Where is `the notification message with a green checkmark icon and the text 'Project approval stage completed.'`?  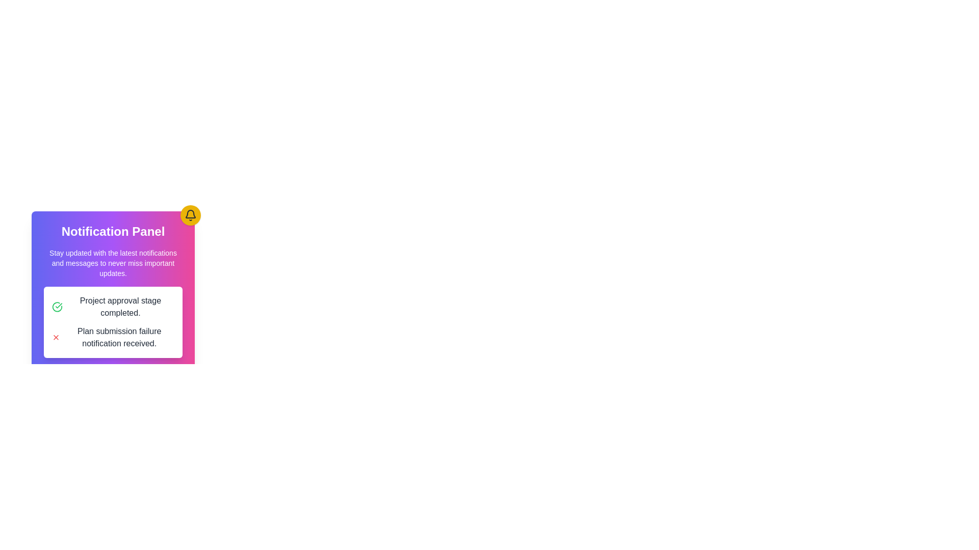 the notification message with a green checkmark icon and the text 'Project approval stage completed.' is located at coordinates (113, 306).